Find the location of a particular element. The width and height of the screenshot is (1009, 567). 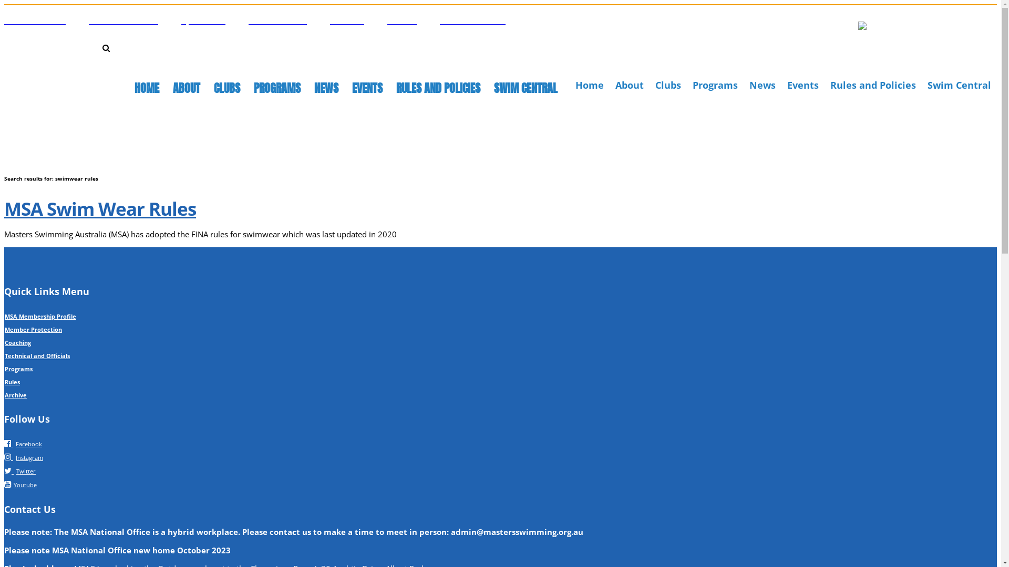

'EVENTS' is located at coordinates (367, 87).